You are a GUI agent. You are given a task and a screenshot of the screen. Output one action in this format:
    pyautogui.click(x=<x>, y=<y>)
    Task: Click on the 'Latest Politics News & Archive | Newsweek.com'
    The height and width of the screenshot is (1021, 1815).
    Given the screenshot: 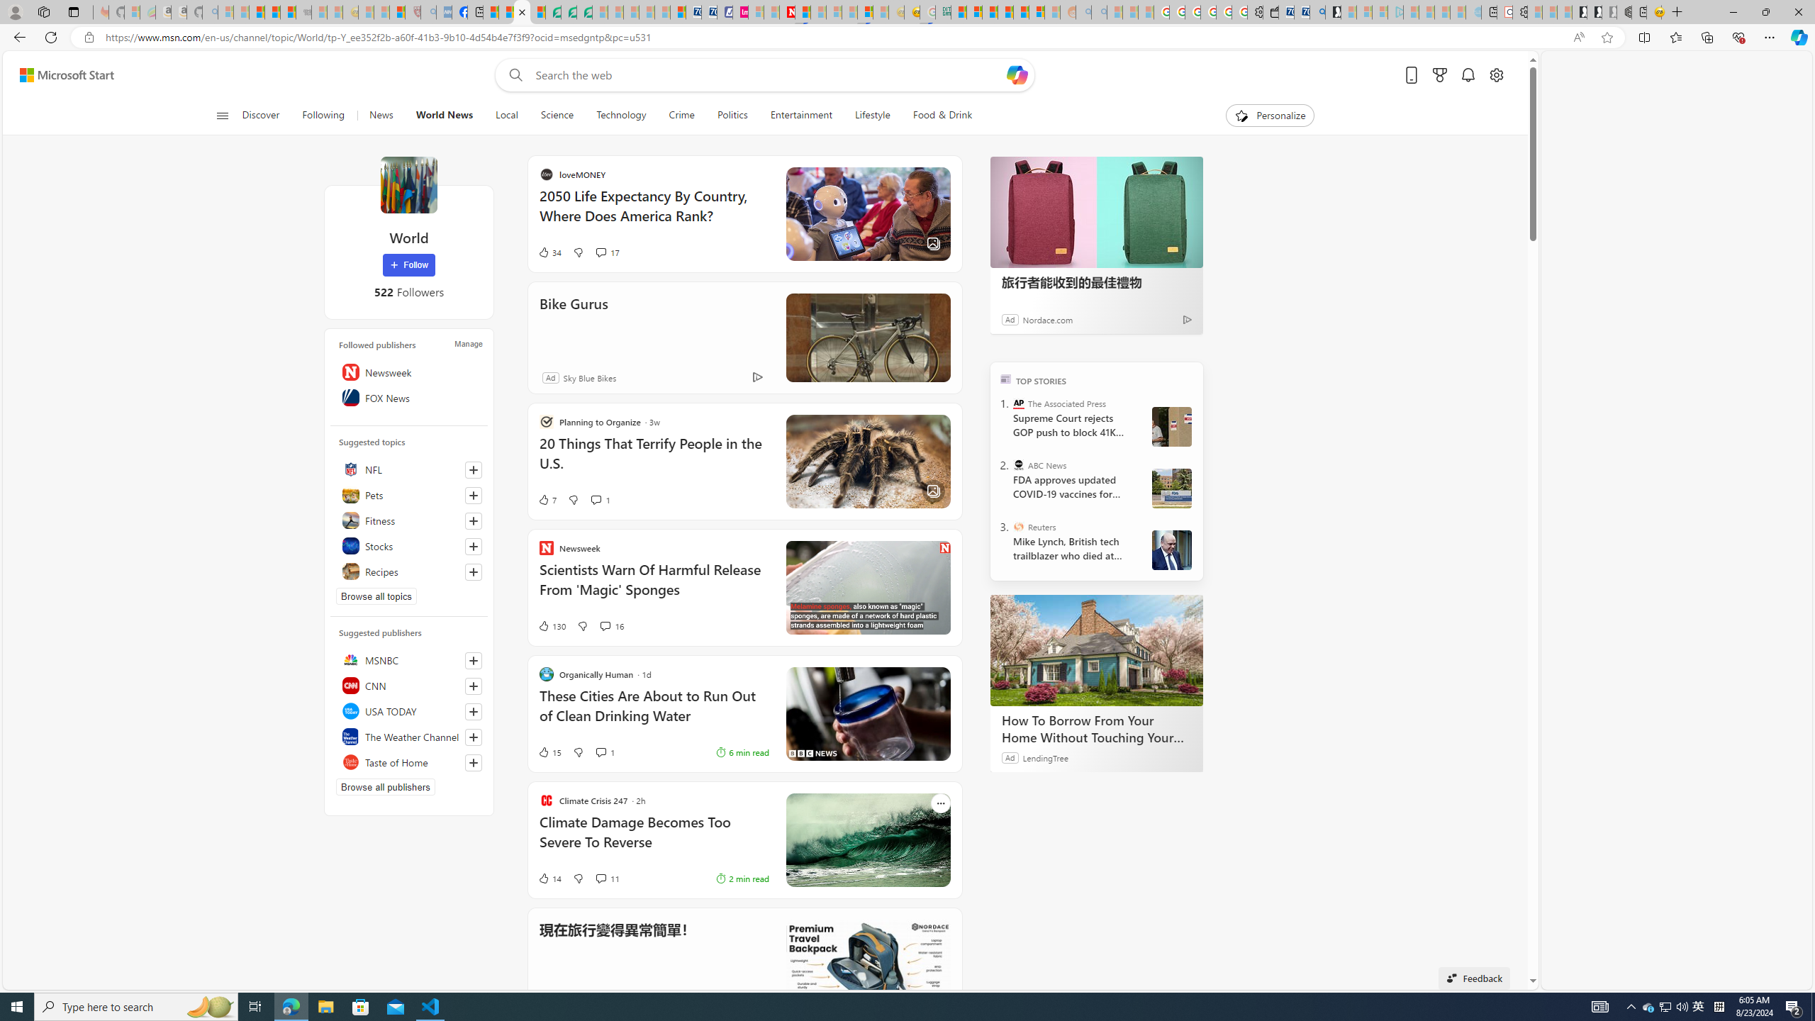 What is the action you would take?
    pyautogui.click(x=786, y=11)
    